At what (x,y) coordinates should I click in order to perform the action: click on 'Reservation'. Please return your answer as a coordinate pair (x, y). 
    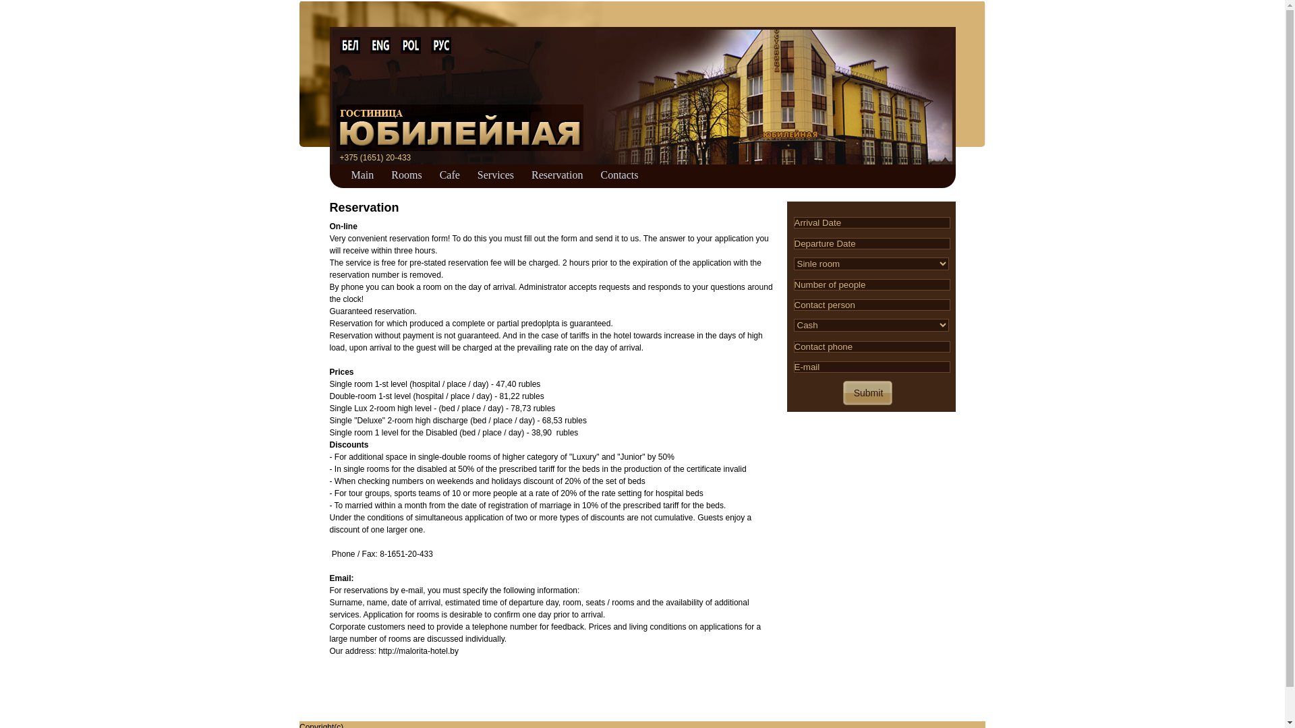
    Looking at the image, I should click on (556, 173).